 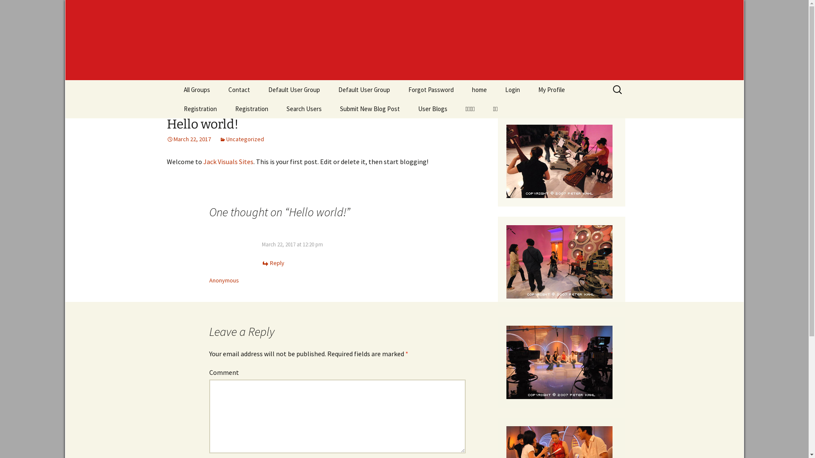 What do you see at coordinates (497, 89) in the screenshot?
I see `'Login'` at bounding box center [497, 89].